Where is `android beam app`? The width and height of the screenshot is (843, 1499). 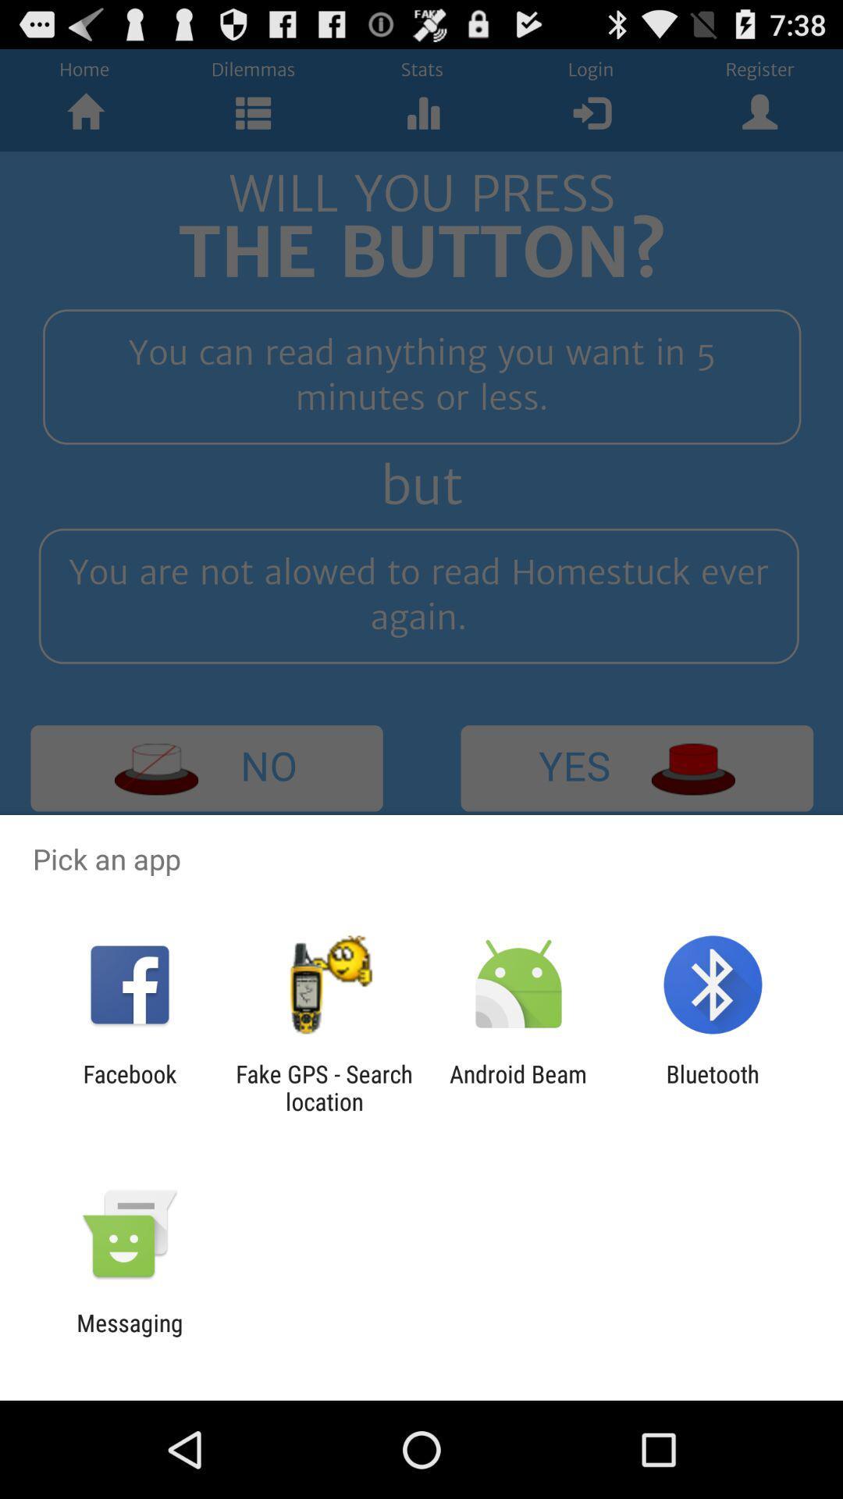 android beam app is located at coordinates (518, 1087).